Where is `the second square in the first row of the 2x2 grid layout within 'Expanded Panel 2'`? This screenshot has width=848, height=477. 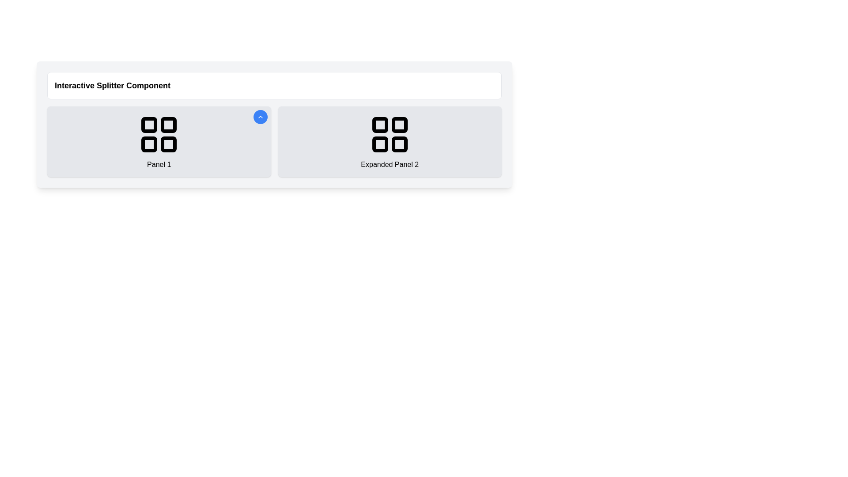 the second square in the first row of the 2x2 grid layout within 'Expanded Panel 2' is located at coordinates (399, 125).